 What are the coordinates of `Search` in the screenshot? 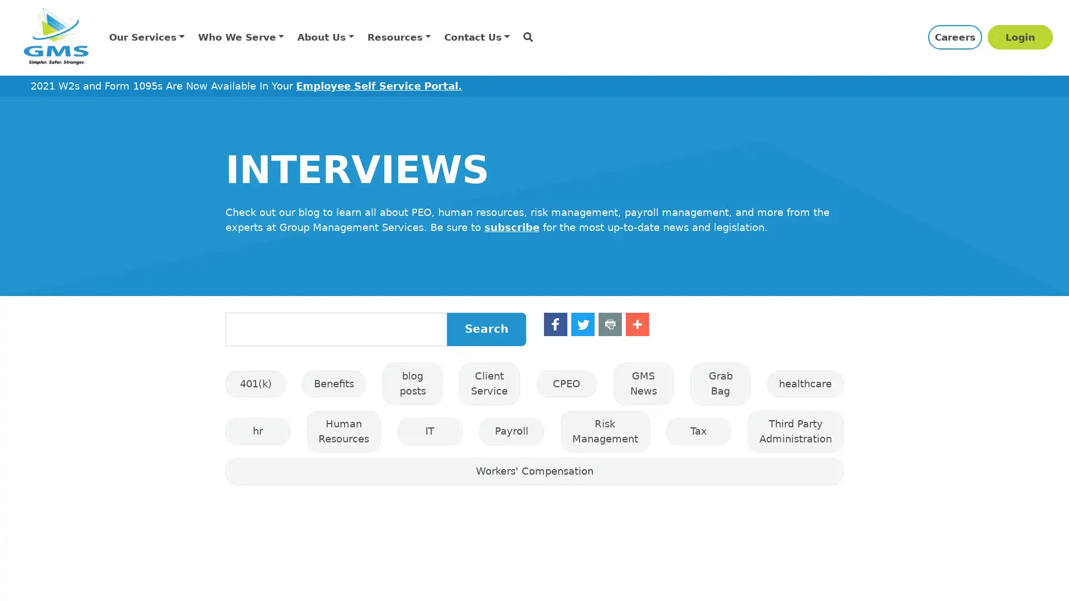 It's located at (486, 328).